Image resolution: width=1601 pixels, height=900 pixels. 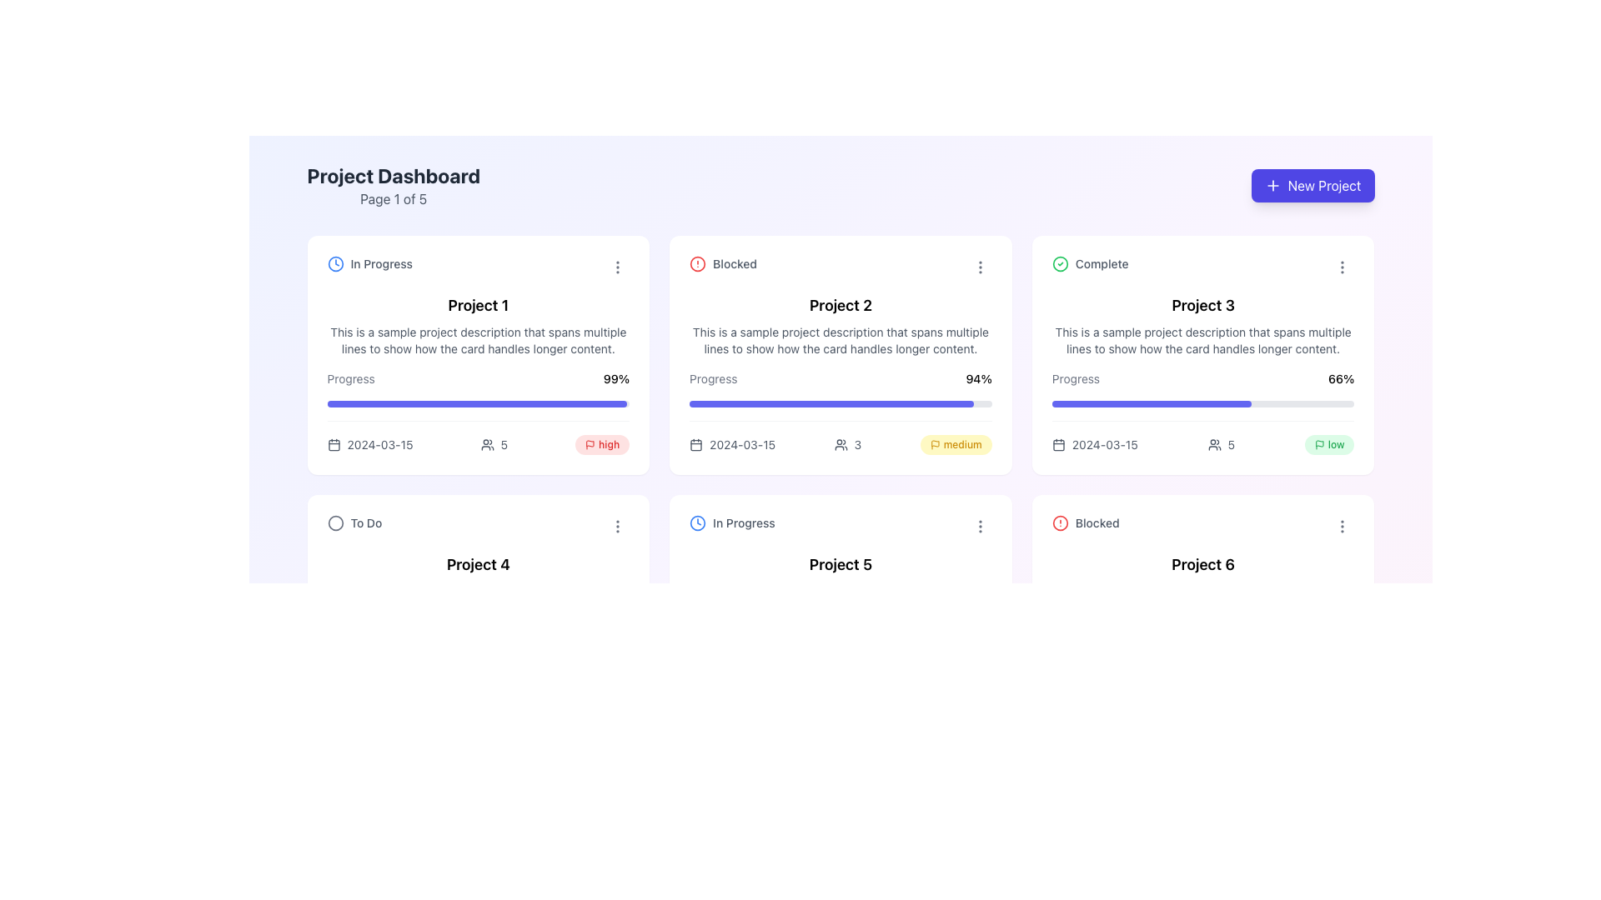 I want to click on 'Blocked' status information from the status marker icon and text located in the second card labeled 'Project 2' on the dashboard interface, so click(x=723, y=262).